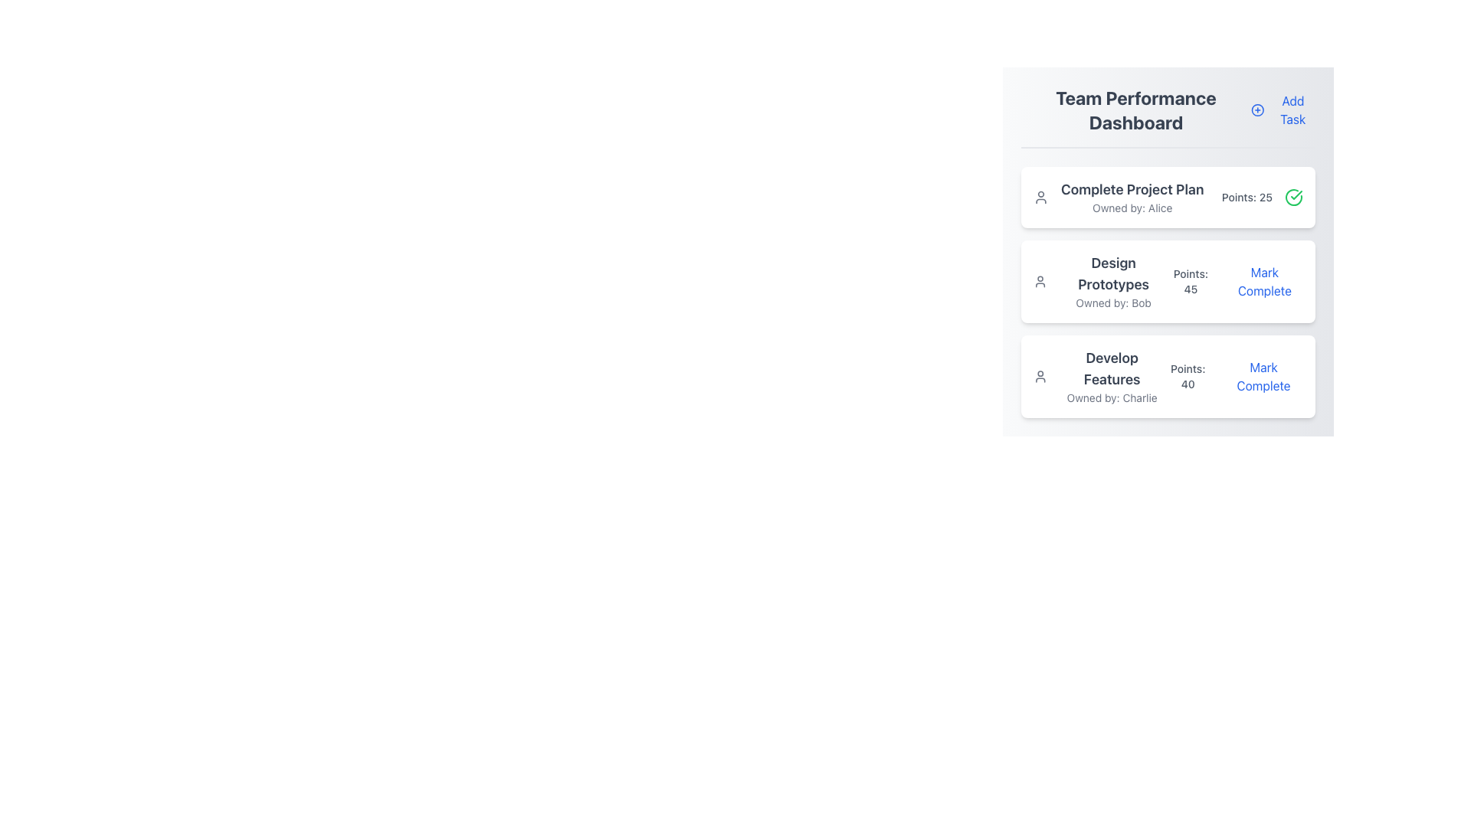  Describe the element at coordinates (1113, 281) in the screenshot. I see `the 'Design Prototypes' text label in the second card of the 'Team Performance Dashboard'` at that location.